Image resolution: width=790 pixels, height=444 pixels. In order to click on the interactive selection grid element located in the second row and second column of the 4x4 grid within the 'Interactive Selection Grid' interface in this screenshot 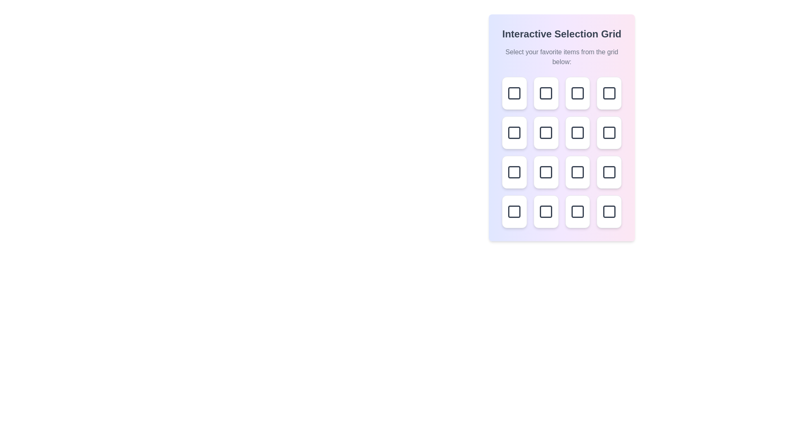, I will do `click(577, 93)`.